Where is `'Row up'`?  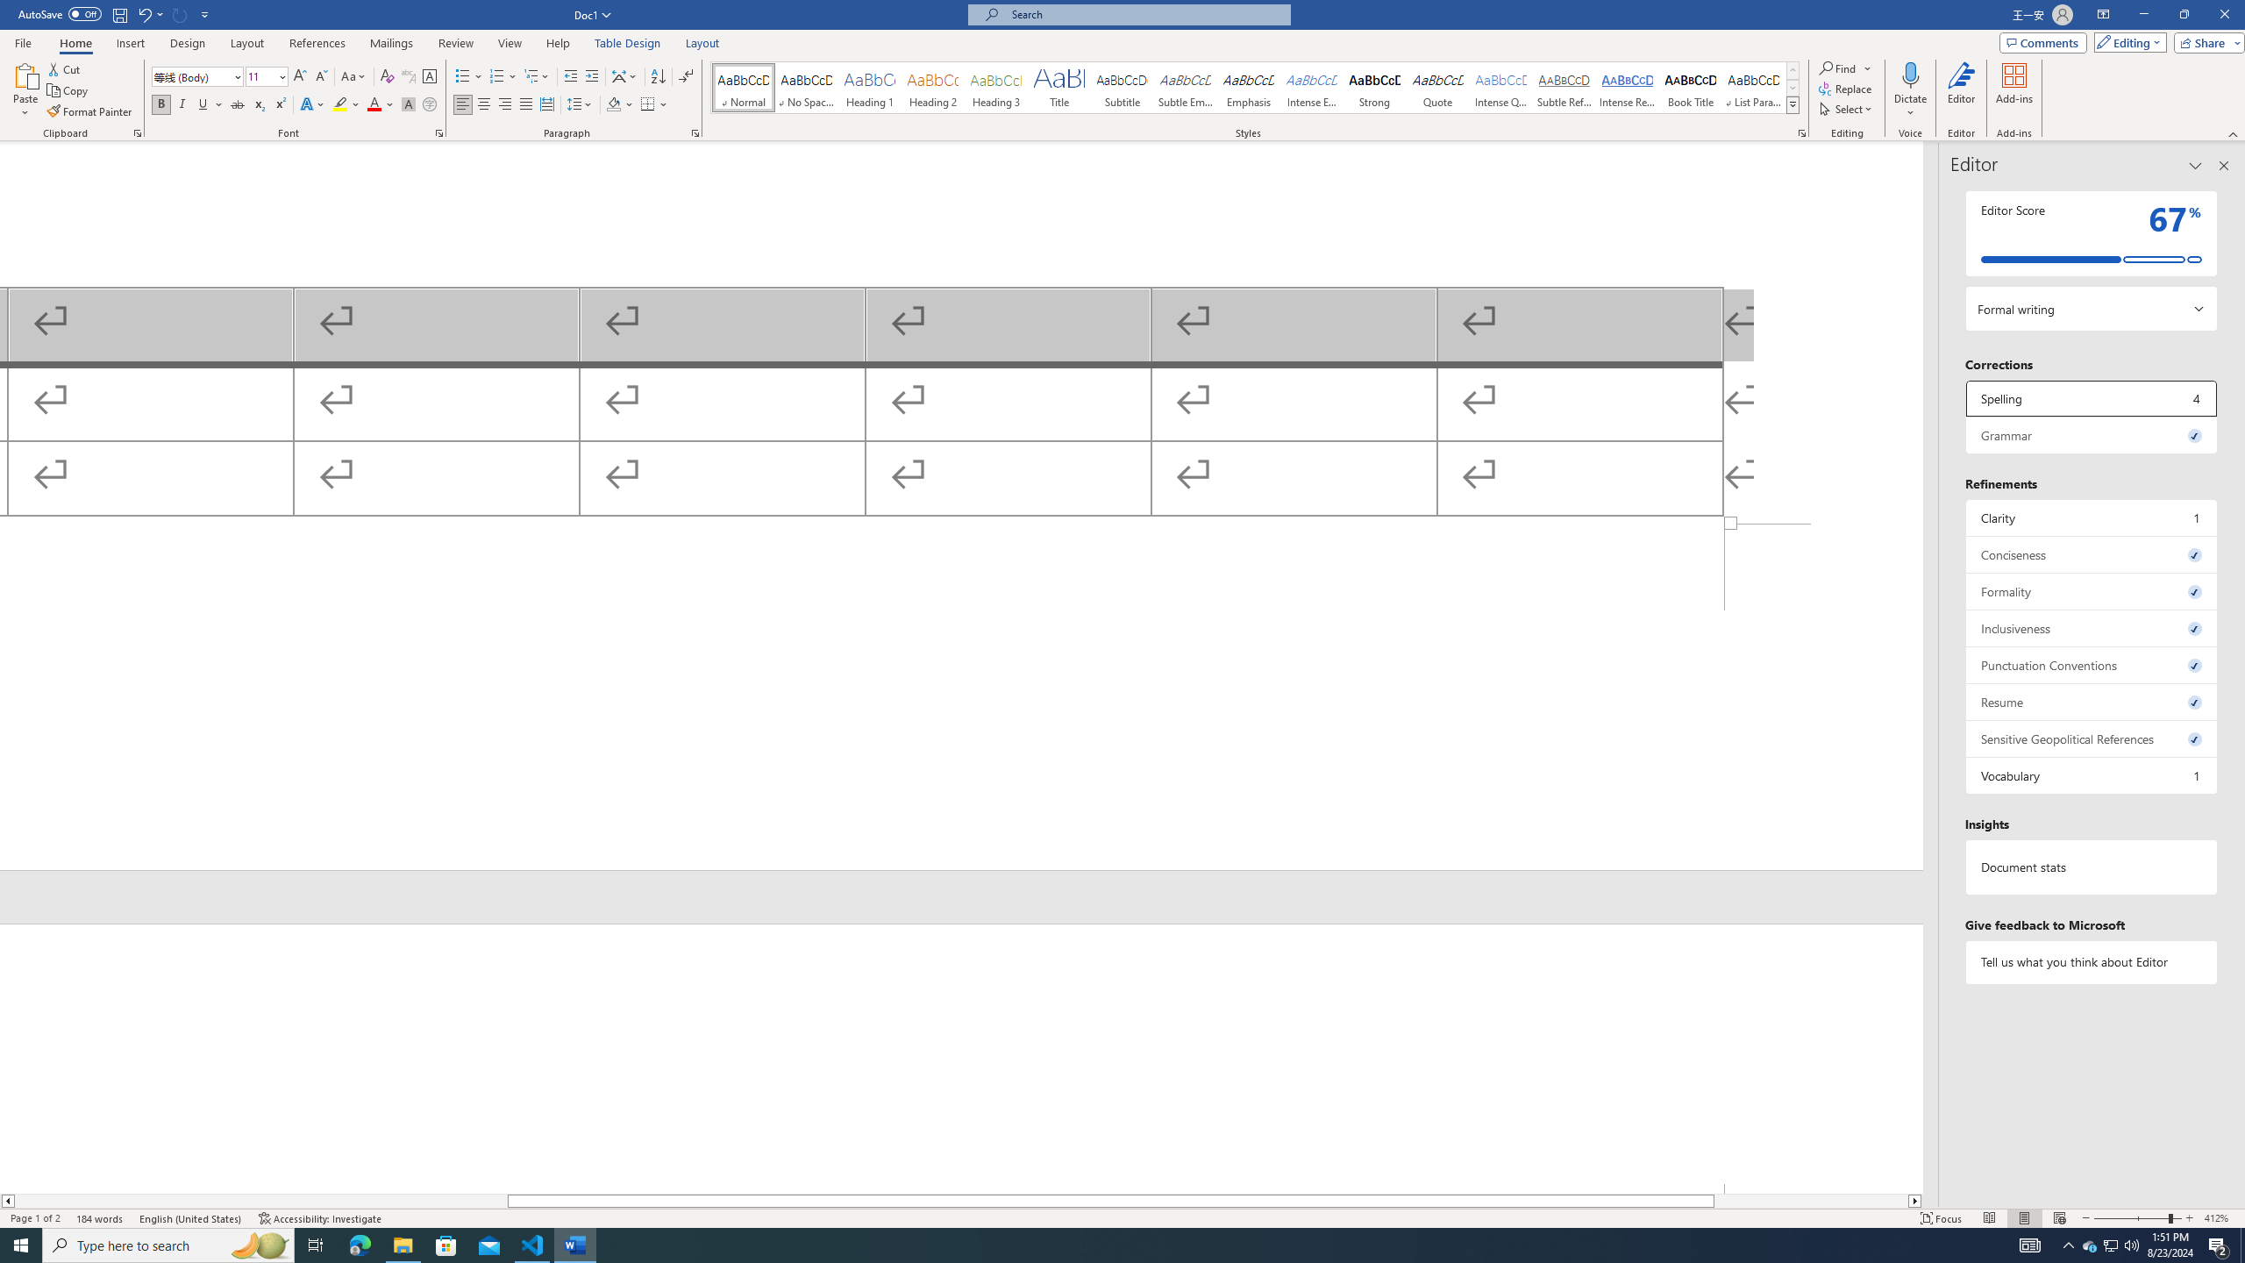 'Row up' is located at coordinates (1793, 70).